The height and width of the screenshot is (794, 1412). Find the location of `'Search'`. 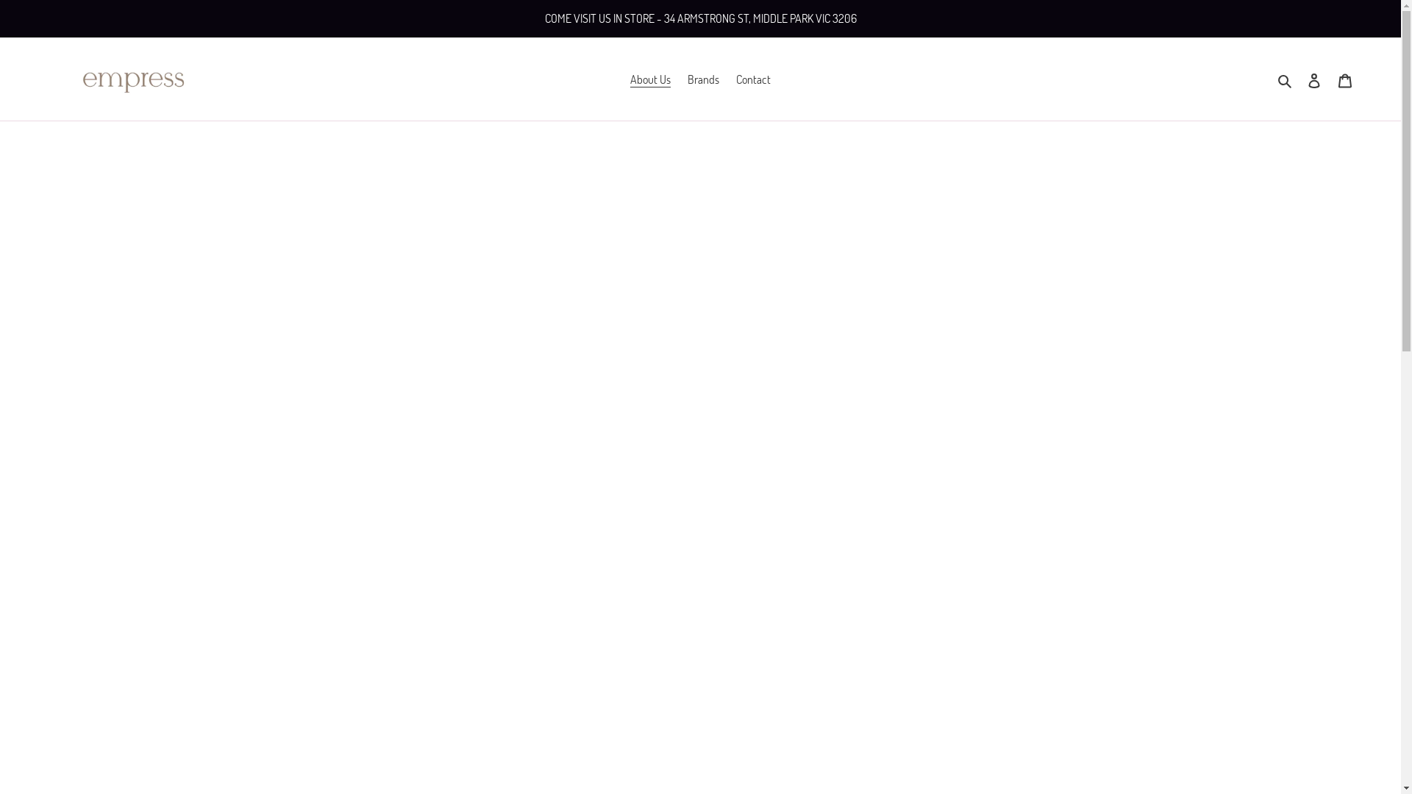

'Search' is located at coordinates (1285, 79).